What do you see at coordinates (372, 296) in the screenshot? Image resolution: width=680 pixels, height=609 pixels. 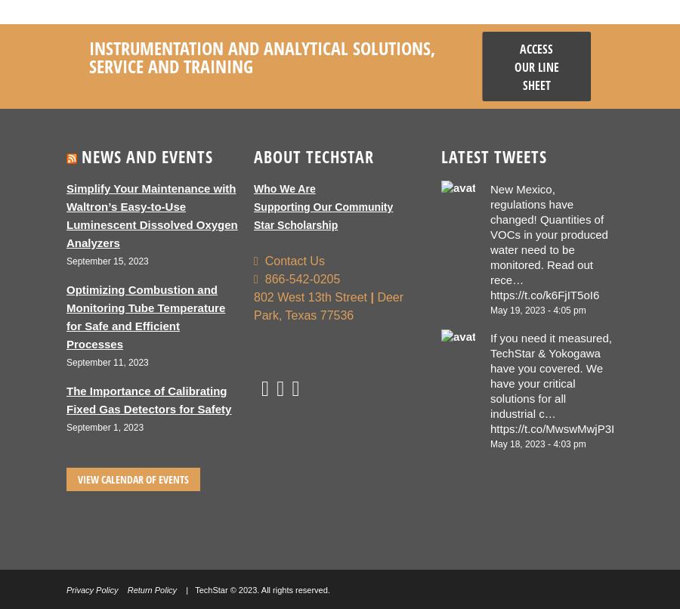 I see `'|'` at bounding box center [372, 296].